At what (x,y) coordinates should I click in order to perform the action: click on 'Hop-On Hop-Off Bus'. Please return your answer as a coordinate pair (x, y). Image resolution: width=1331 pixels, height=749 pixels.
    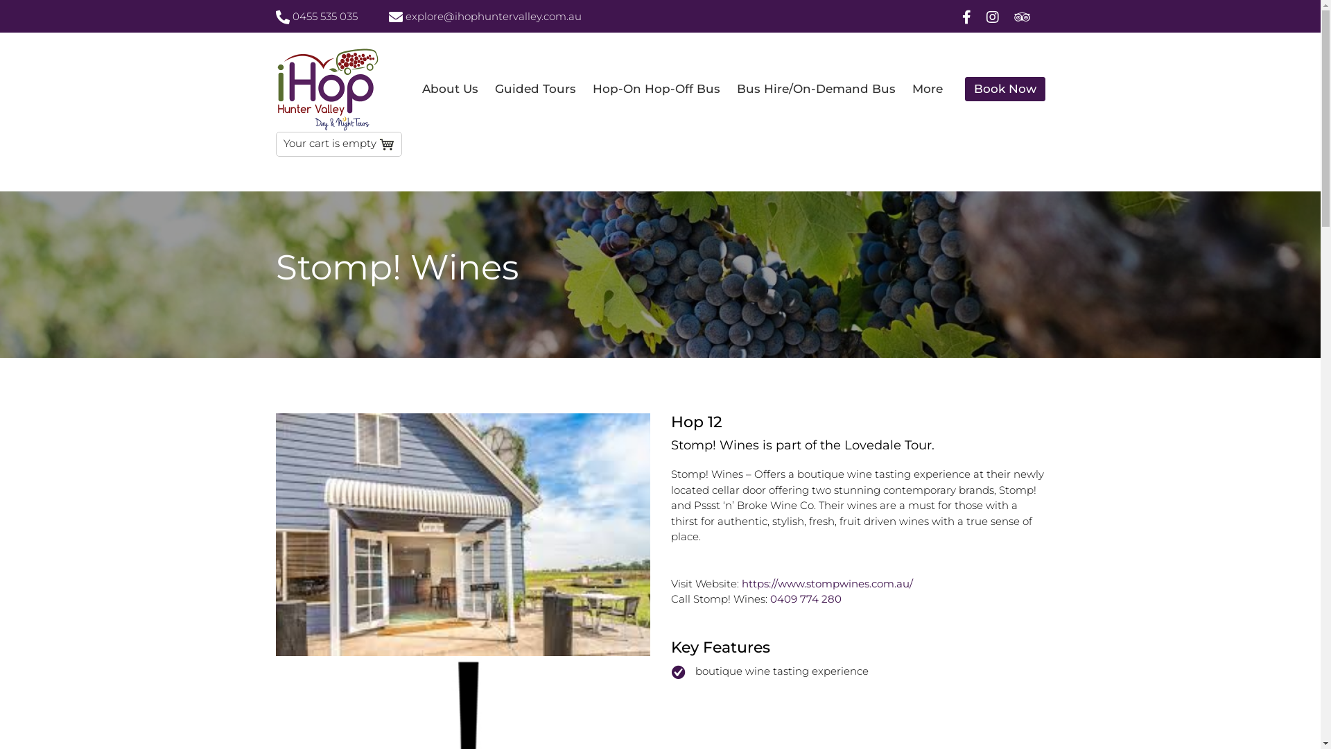
    Looking at the image, I should click on (654, 89).